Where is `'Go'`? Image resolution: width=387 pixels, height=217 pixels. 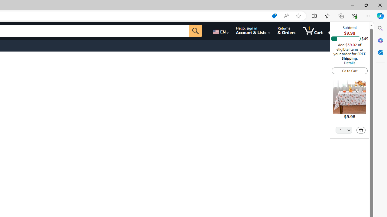
'Go' is located at coordinates (196, 30).